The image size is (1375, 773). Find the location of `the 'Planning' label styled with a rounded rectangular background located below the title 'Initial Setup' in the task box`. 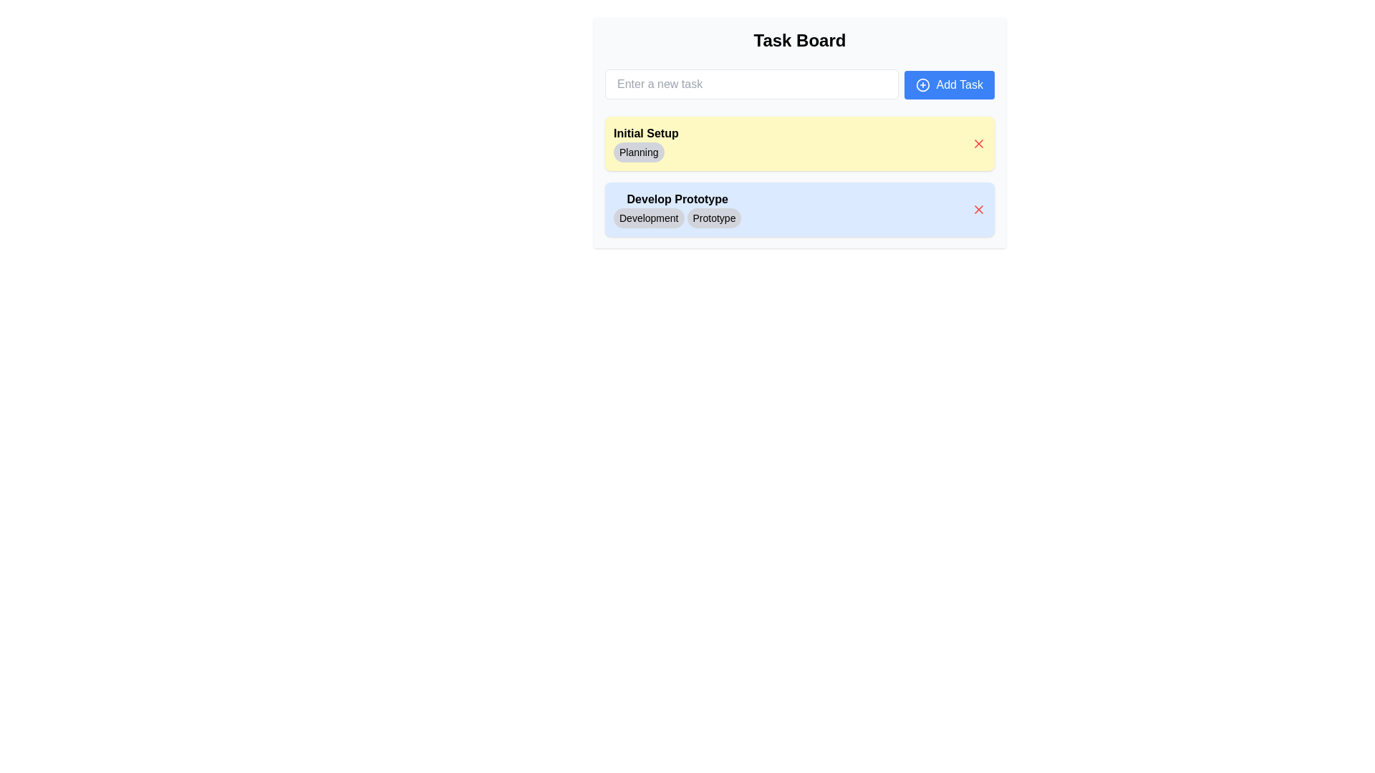

the 'Planning' label styled with a rounded rectangular background located below the title 'Initial Setup' in the task box is located at coordinates (645, 143).